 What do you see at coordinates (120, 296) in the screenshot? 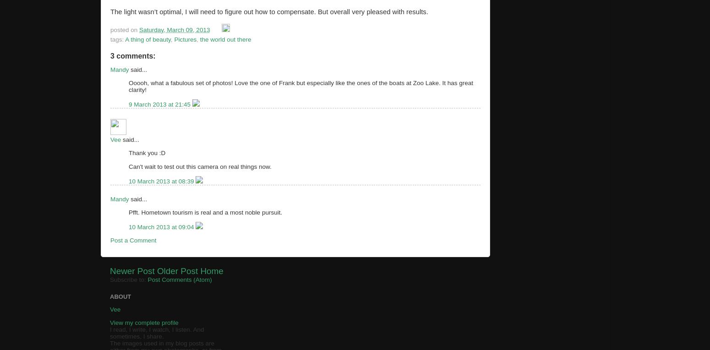
I see `'About'` at bounding box center [120, 296].